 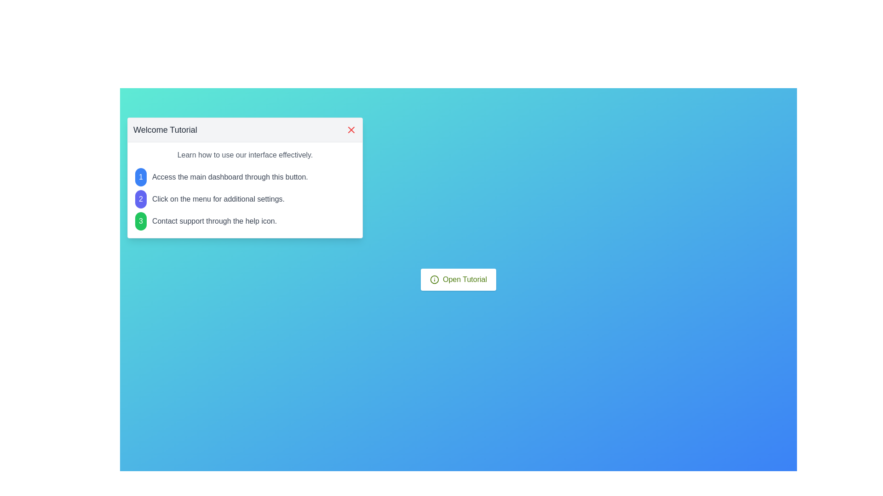 I want to click on the informational text label that provides instructions for accessing the main dashboard, located next to the blue-circle numbered '1' in the centered modal box, so click(x=230, y=177).